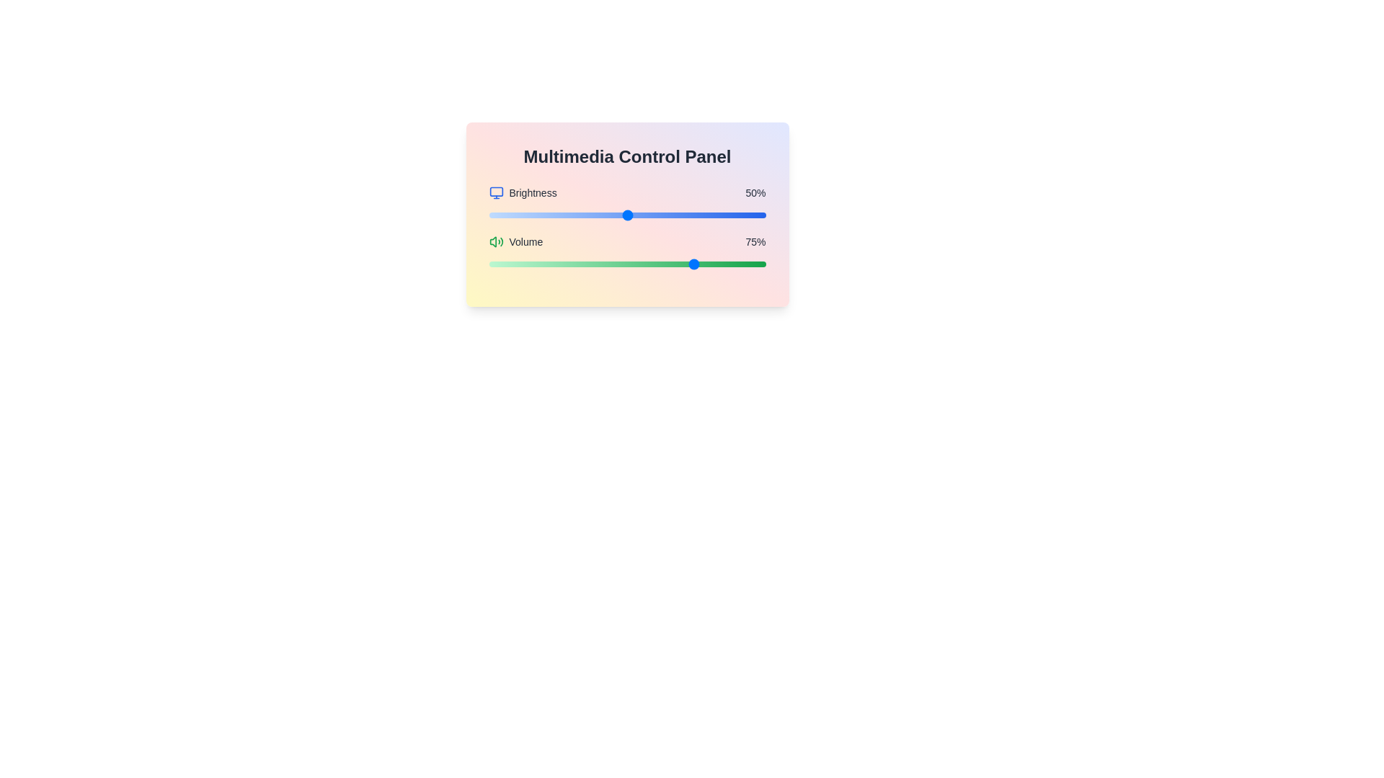 Image resolution: width=1384 pixels, height=778 pixels. I want to click on the volume slider to 1% by dragging the slider to the desired position, so click(492, 264).